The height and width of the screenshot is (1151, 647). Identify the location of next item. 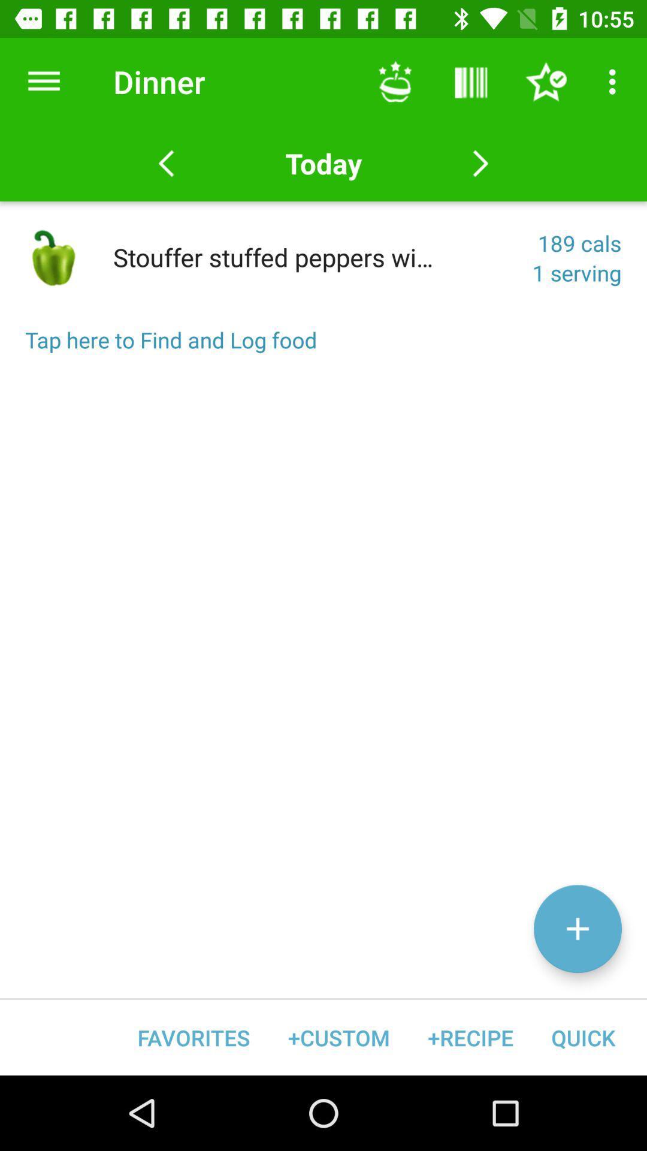
(480, 163).